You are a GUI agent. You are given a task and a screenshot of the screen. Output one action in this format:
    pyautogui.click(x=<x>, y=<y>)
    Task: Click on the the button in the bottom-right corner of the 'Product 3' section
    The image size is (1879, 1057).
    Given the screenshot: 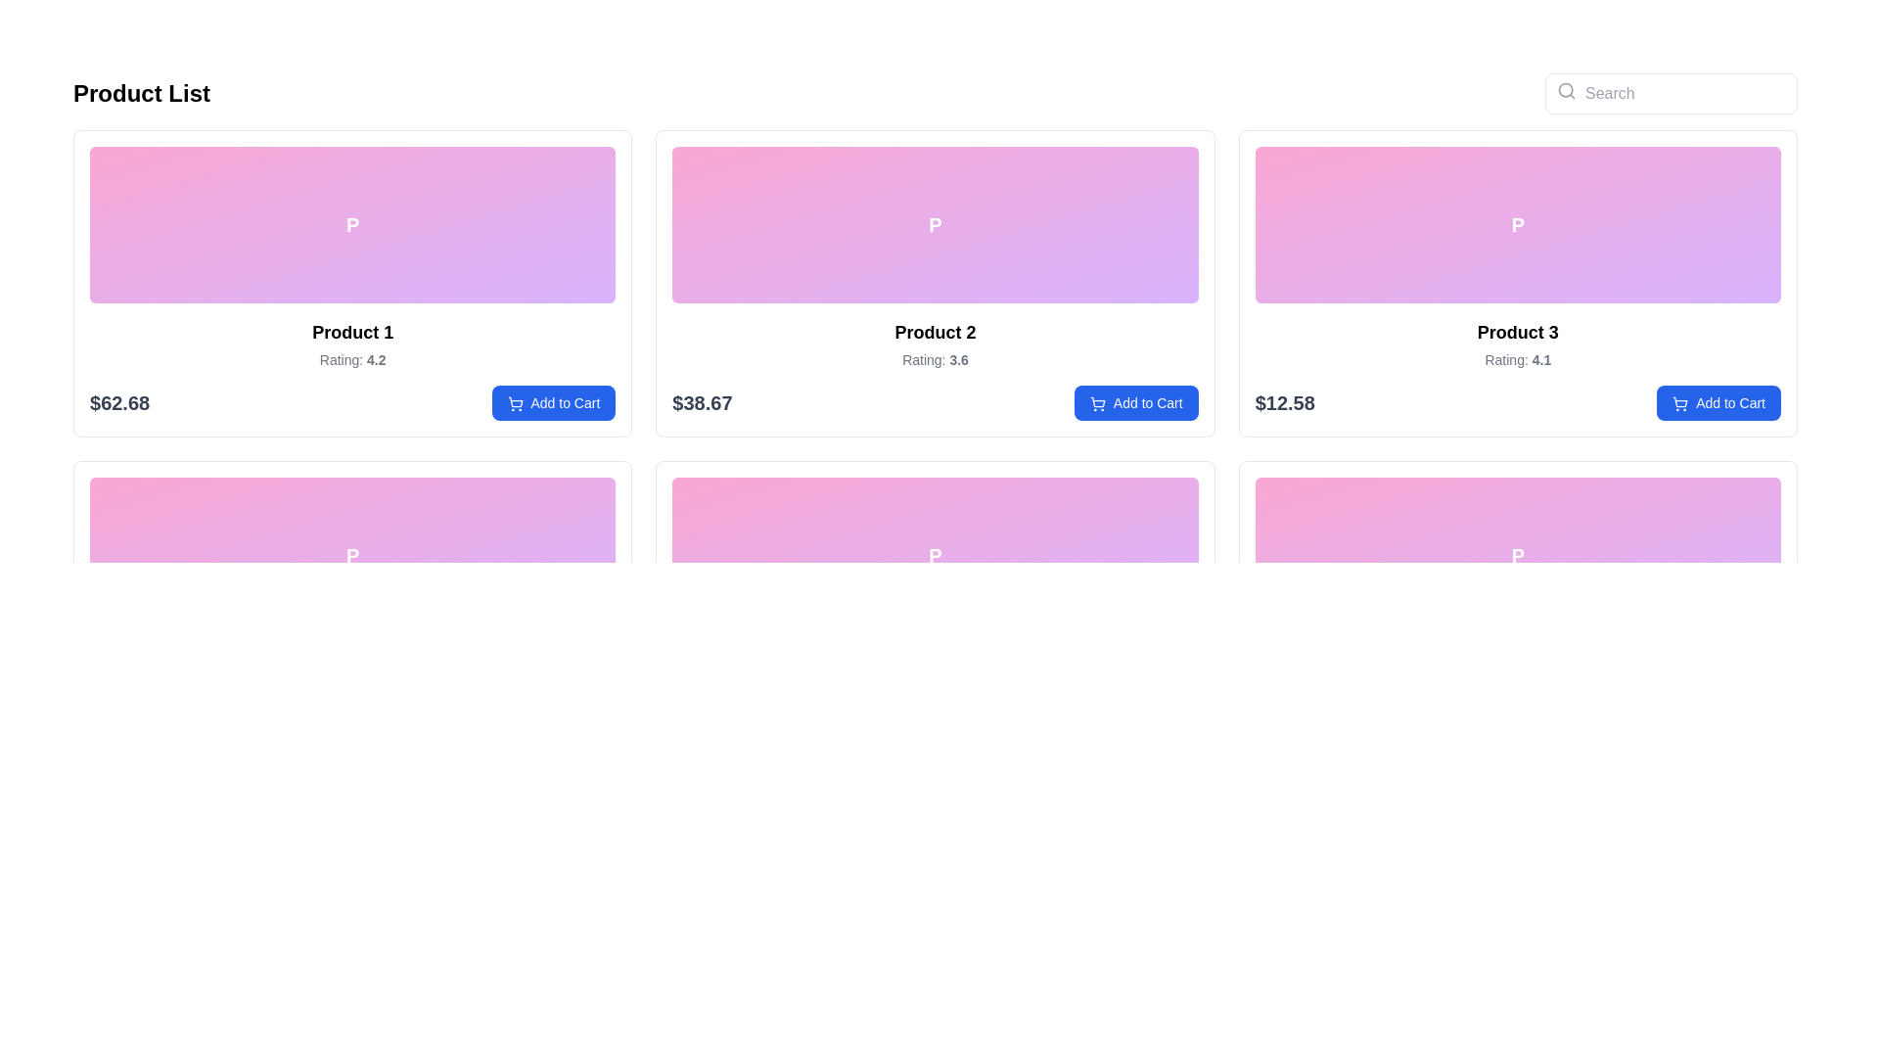 What is the action you would take?
    pyautogui.click(x=1718, y=402)
    